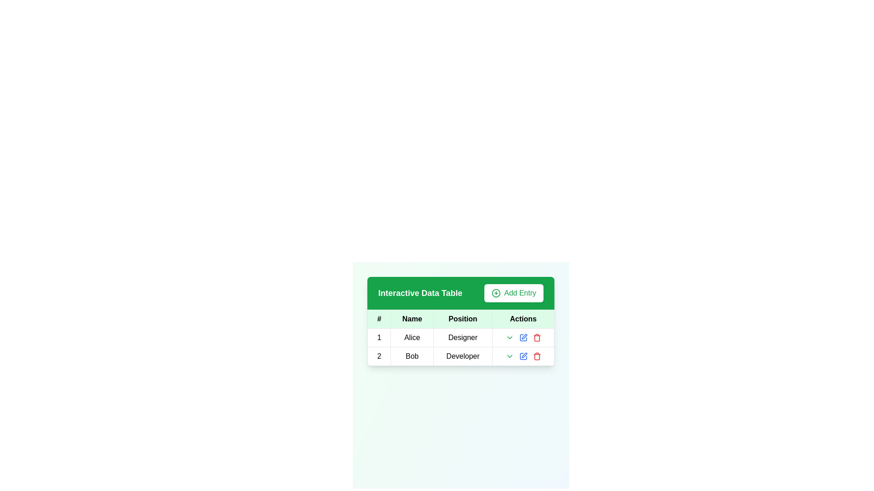 Image resolution: width=874 pixels, height=491 pixels. Describe the element at coordinates (537, 338) in the screenshot. I see `the delete icon button located as the third icon in the Actions column of the second row in the data table` at that location.